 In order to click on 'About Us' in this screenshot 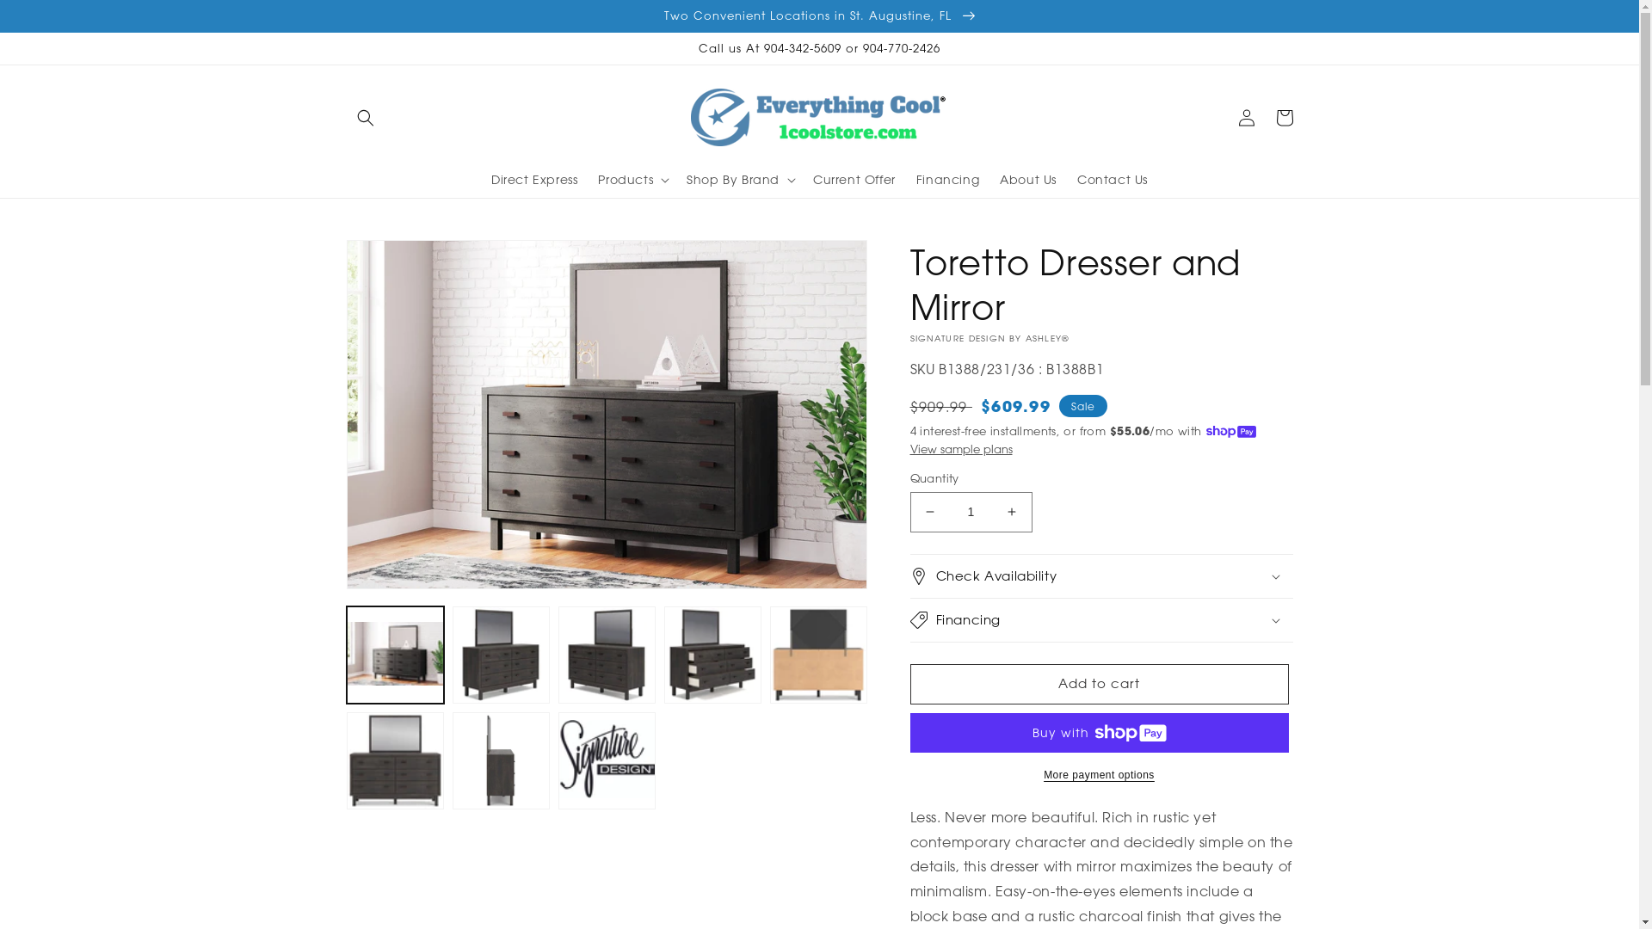, I will do `click(1028, 179)`.